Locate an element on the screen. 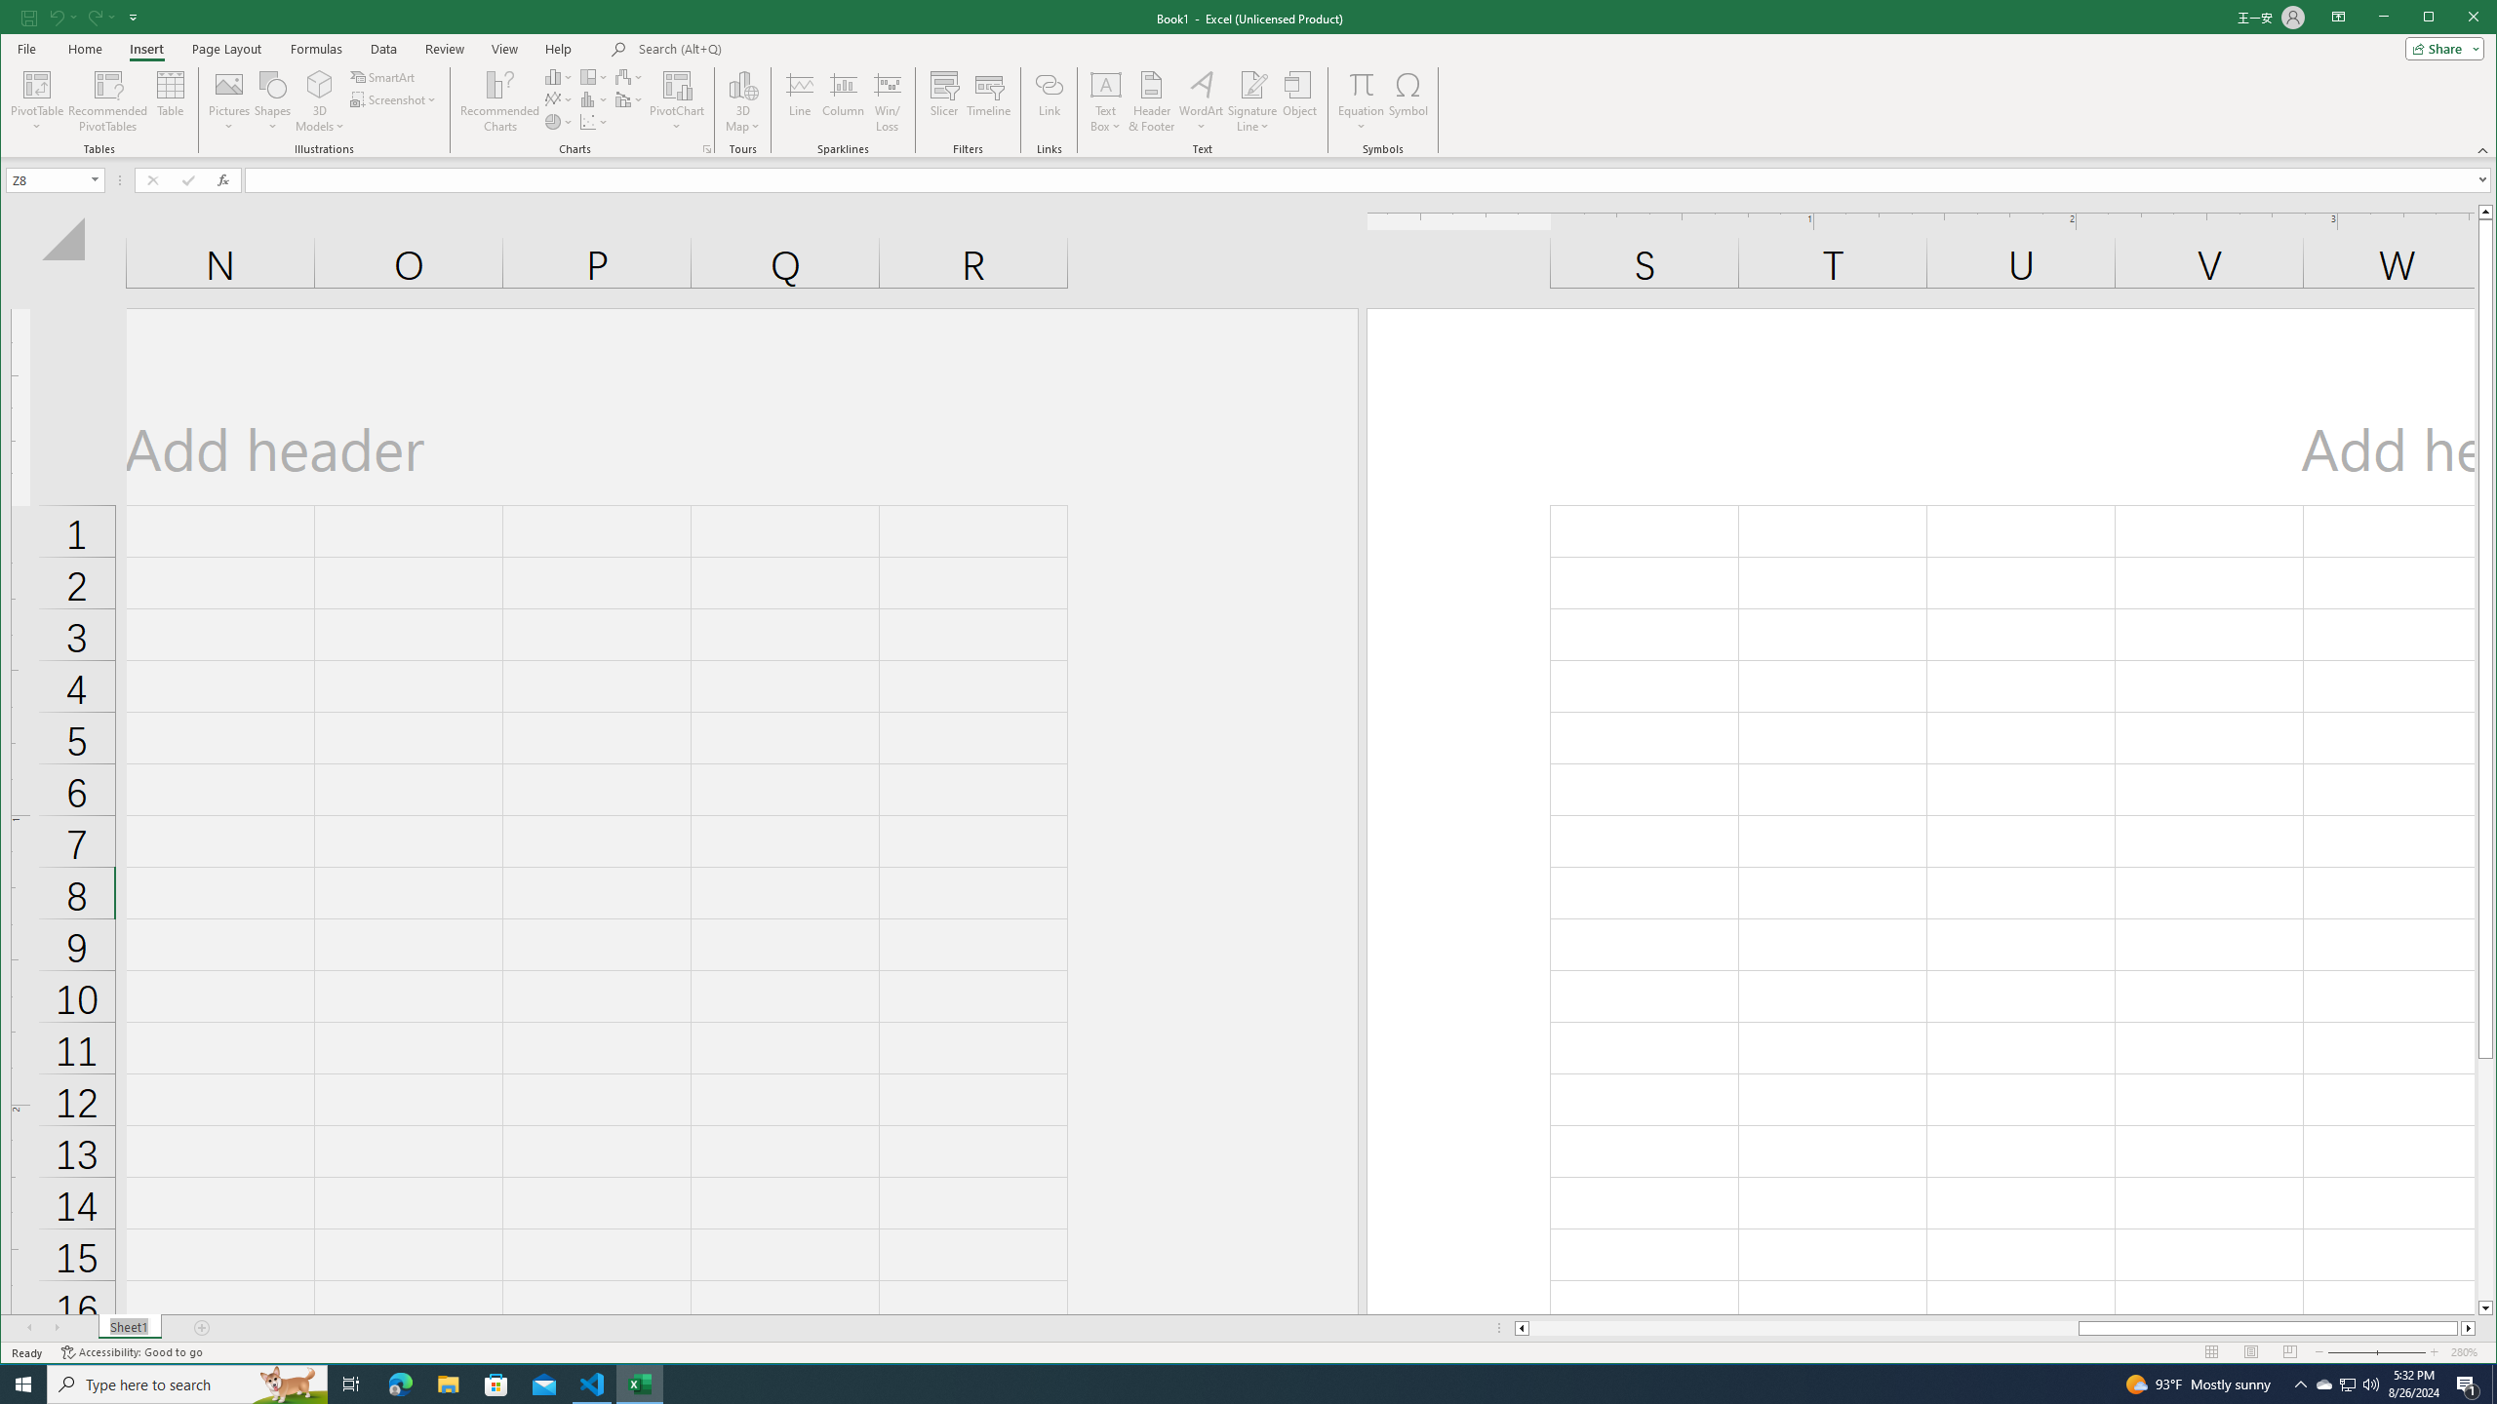 This screenshot has height=1404, width=2497. 'Column right' is located at coordinates (2469, 1328).